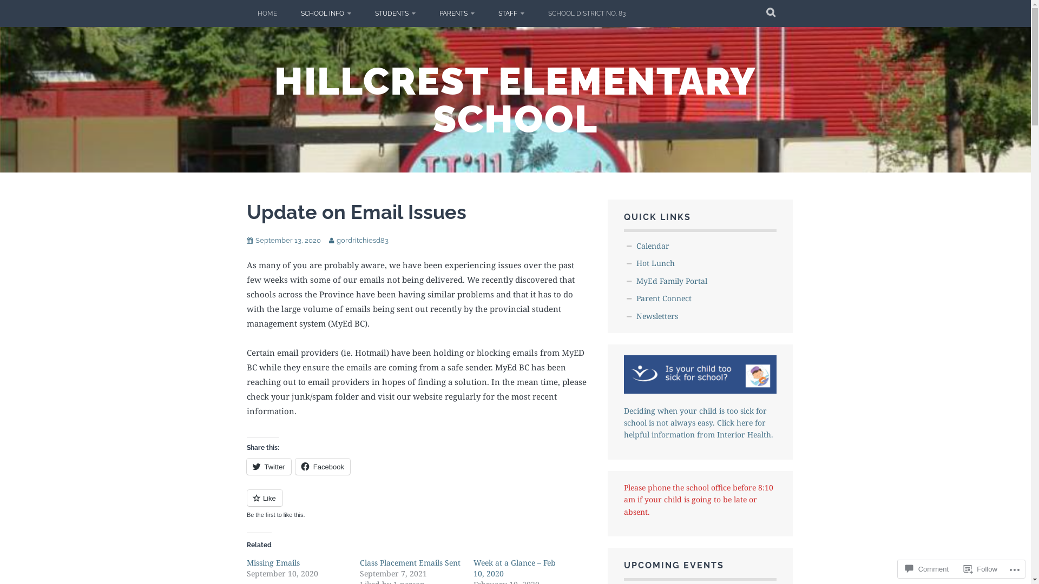  What do you see at coordinates (663, 298) in the screenshot?
I see `'Parent Connect'` at bounding box center [663, 298].